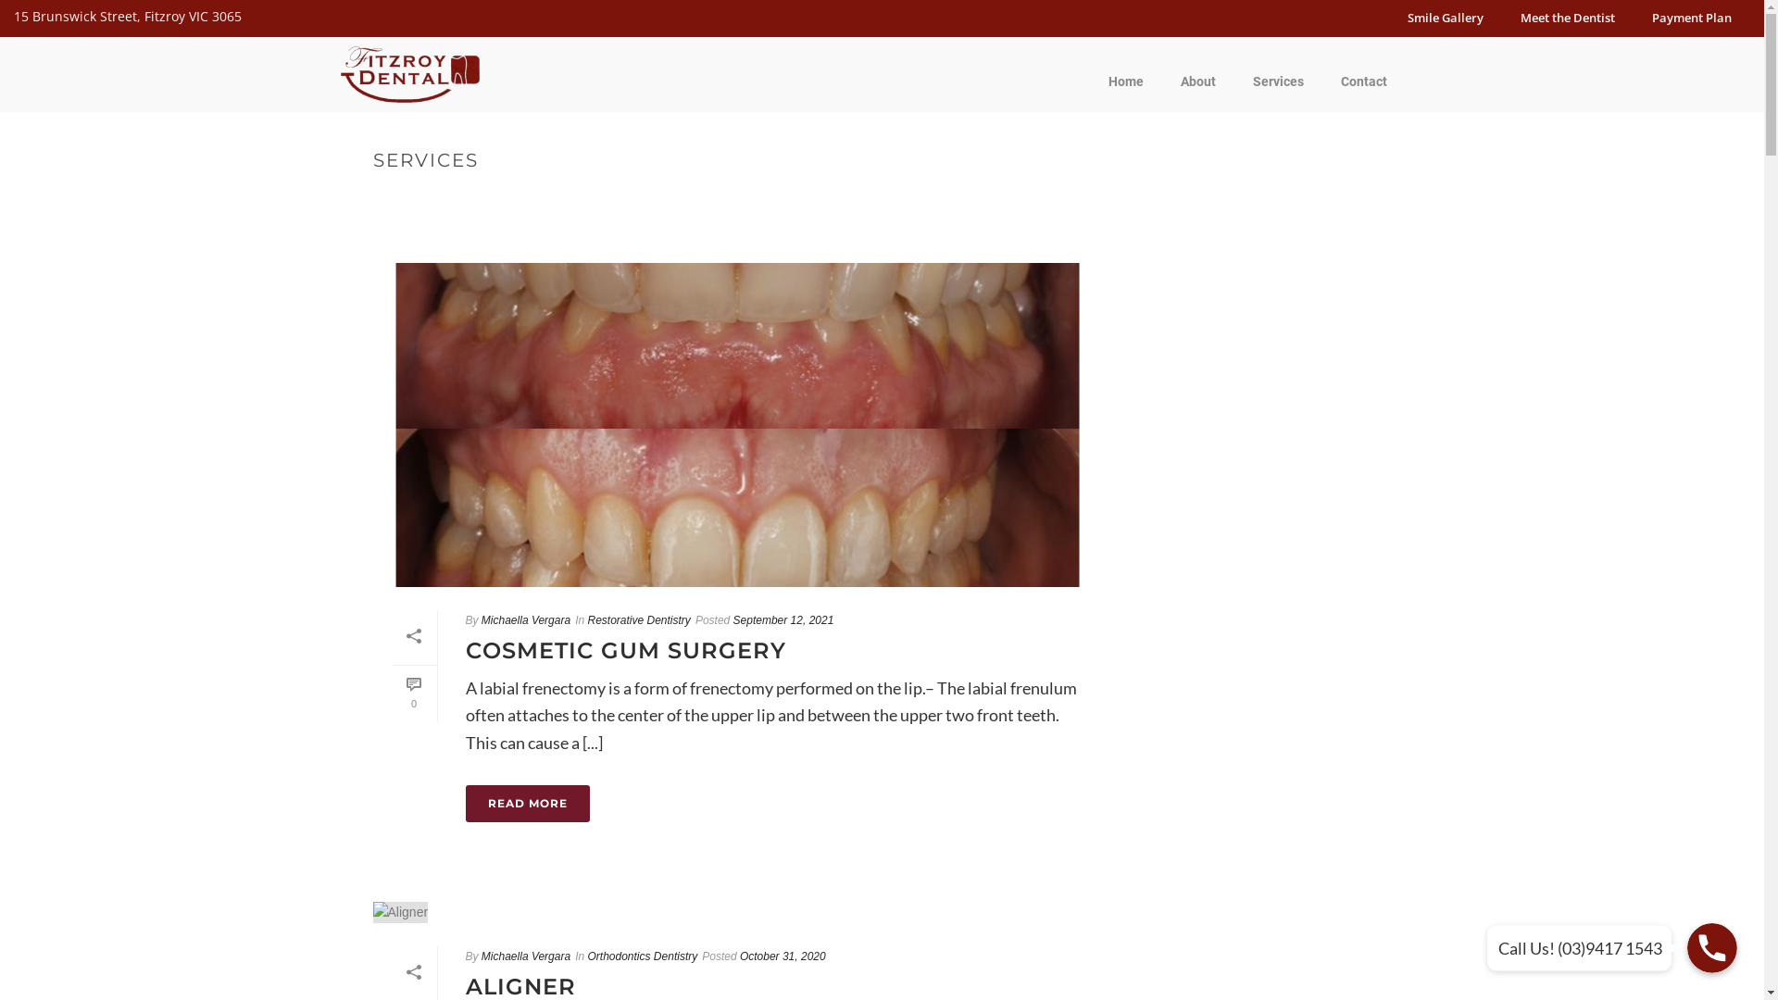 Image resolution: width=1778 pixels, height=1000 pixels. What do you see at coordinates (738, 956) in the screenshot?
I see `'October 31, 2020'` at bounding box center [738, 956].